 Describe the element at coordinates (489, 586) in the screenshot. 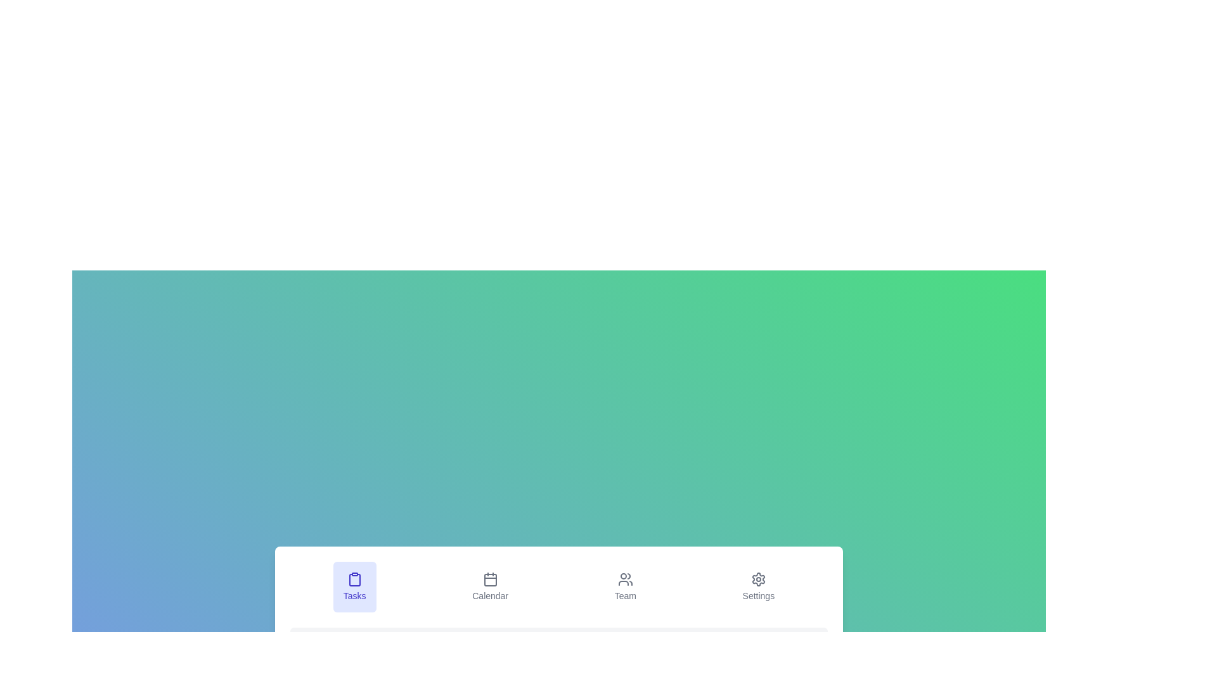

I see `the calendar button, which is the second option in a row of four interactive items, to trigger visual feedback` at that location.